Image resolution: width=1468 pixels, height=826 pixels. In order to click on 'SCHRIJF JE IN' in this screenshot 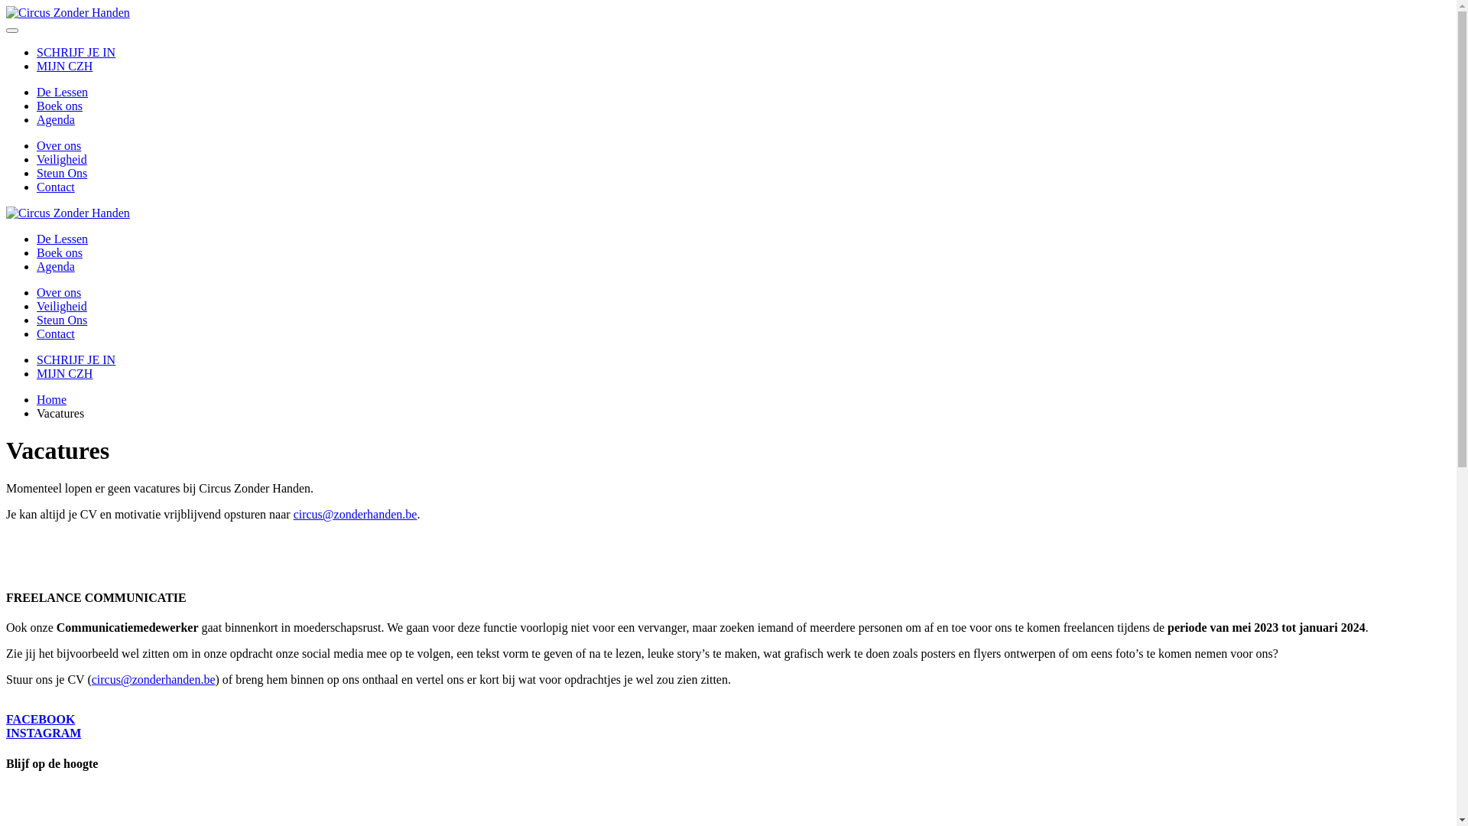, I will do `click(75, 51)`.